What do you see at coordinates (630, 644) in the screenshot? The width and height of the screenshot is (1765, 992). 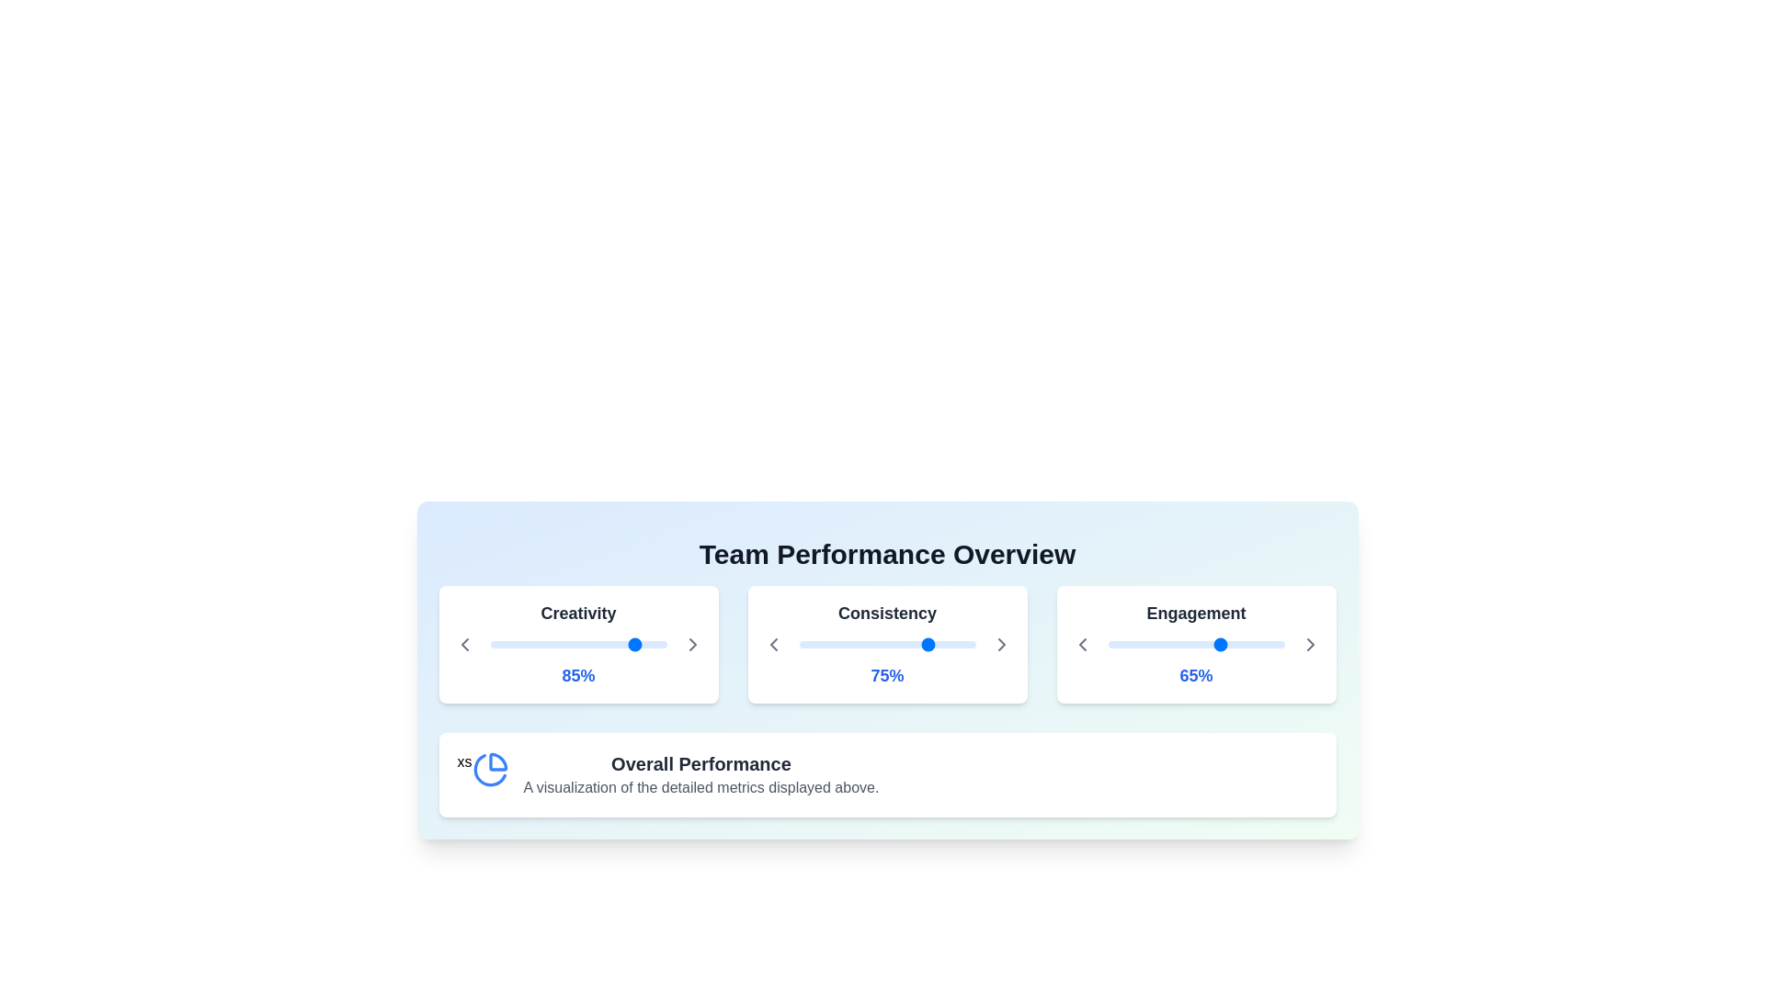 I see `the slider` at bounding box center [630, 644].